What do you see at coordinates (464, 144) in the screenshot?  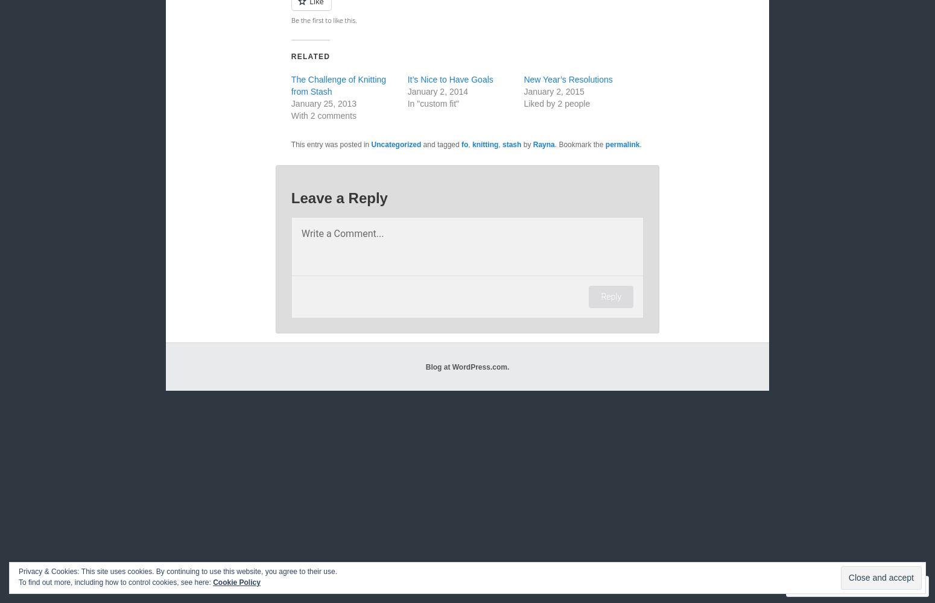 I see `'fo'` at bounding box center [464, 144].